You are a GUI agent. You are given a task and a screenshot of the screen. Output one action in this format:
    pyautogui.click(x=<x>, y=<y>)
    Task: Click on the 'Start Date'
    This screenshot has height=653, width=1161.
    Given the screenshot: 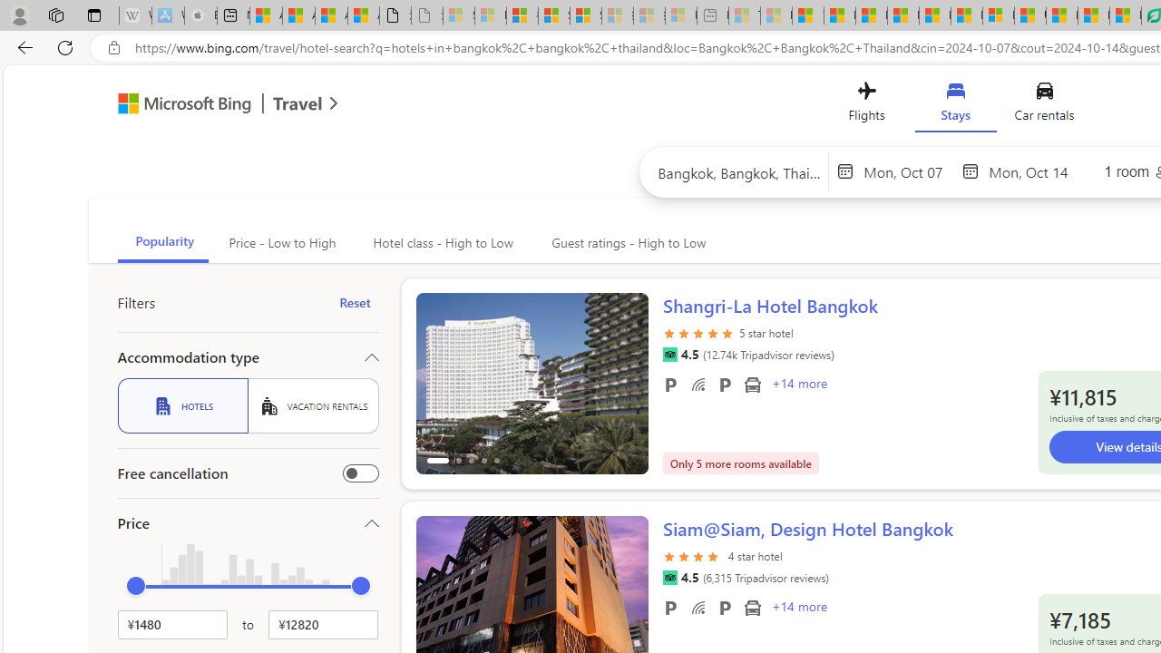 What is the action you would take?
    pyautogui.click(x=908, y=171)
    